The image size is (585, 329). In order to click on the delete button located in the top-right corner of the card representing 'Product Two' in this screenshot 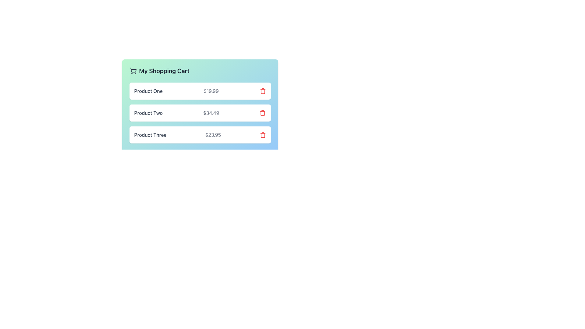, I will do `click(263, 113)`.